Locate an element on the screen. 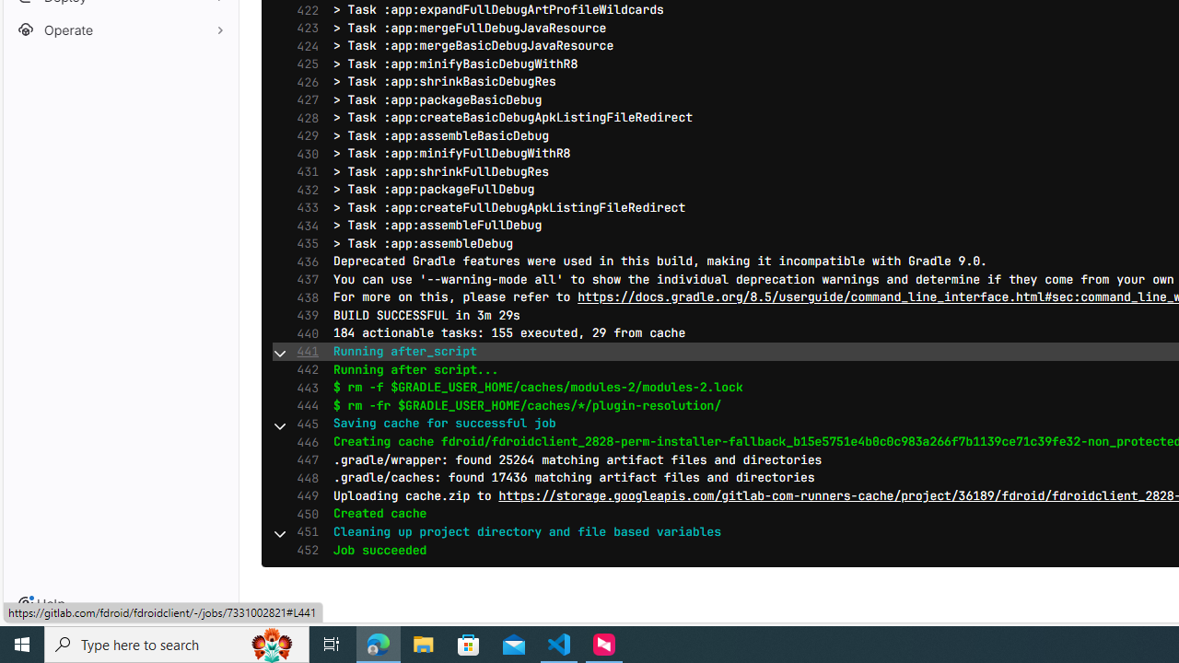  '426' is located at coordinates (303, 81).